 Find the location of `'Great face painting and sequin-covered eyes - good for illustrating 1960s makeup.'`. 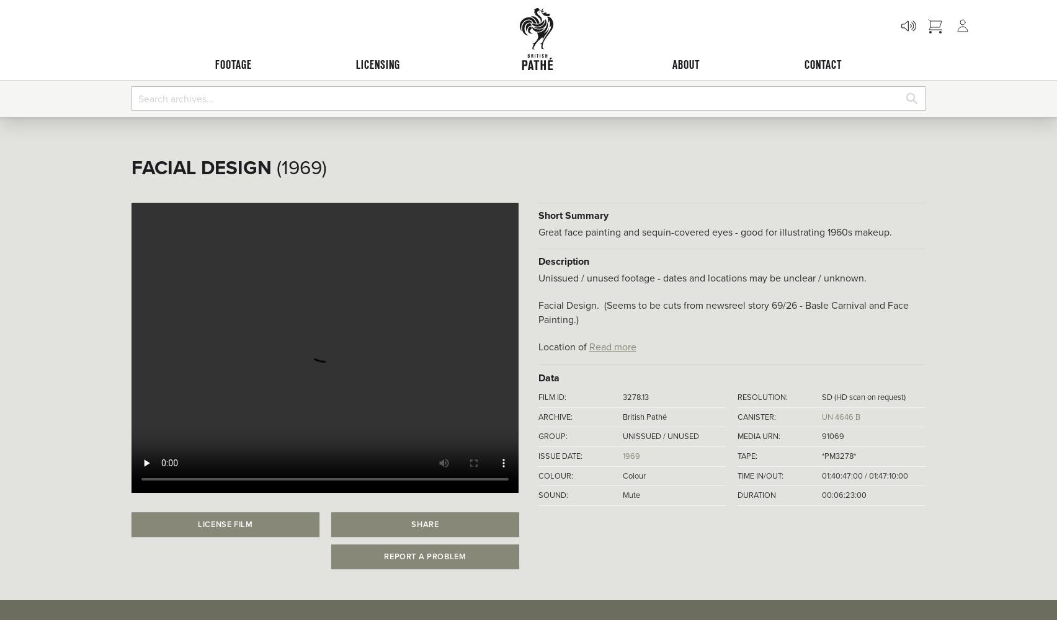

'Great face painting and sequin-covered eyes - good for illustrating 1960s makeup.' is located at coordinates (537, 231).